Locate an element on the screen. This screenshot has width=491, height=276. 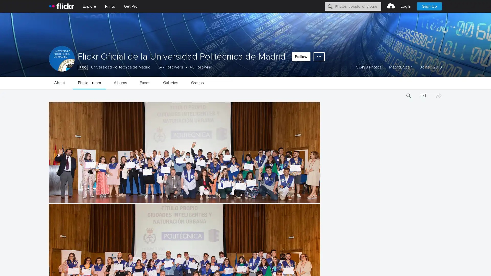
Add to Favorites is located at coordinates (49, 222).